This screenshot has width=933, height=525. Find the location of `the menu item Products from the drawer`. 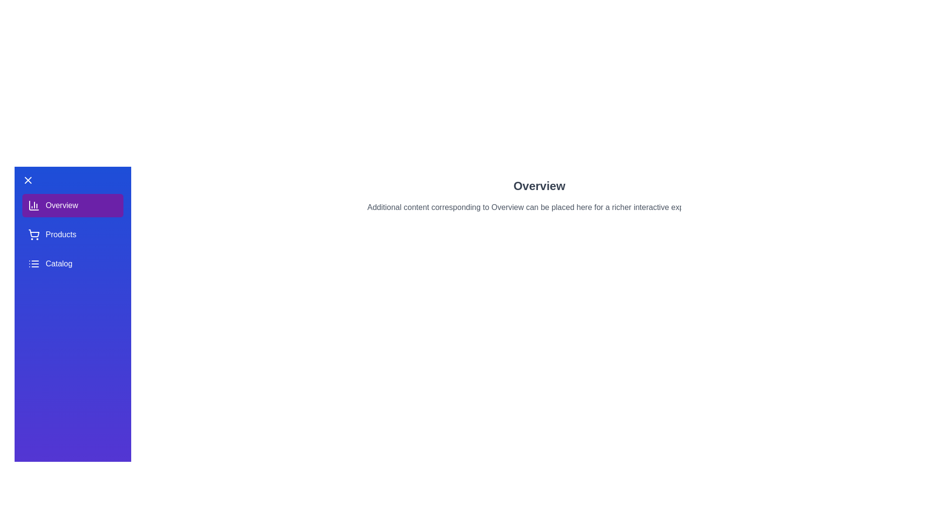

the menu item Products from the drawer is located at coordinates (72, 234).